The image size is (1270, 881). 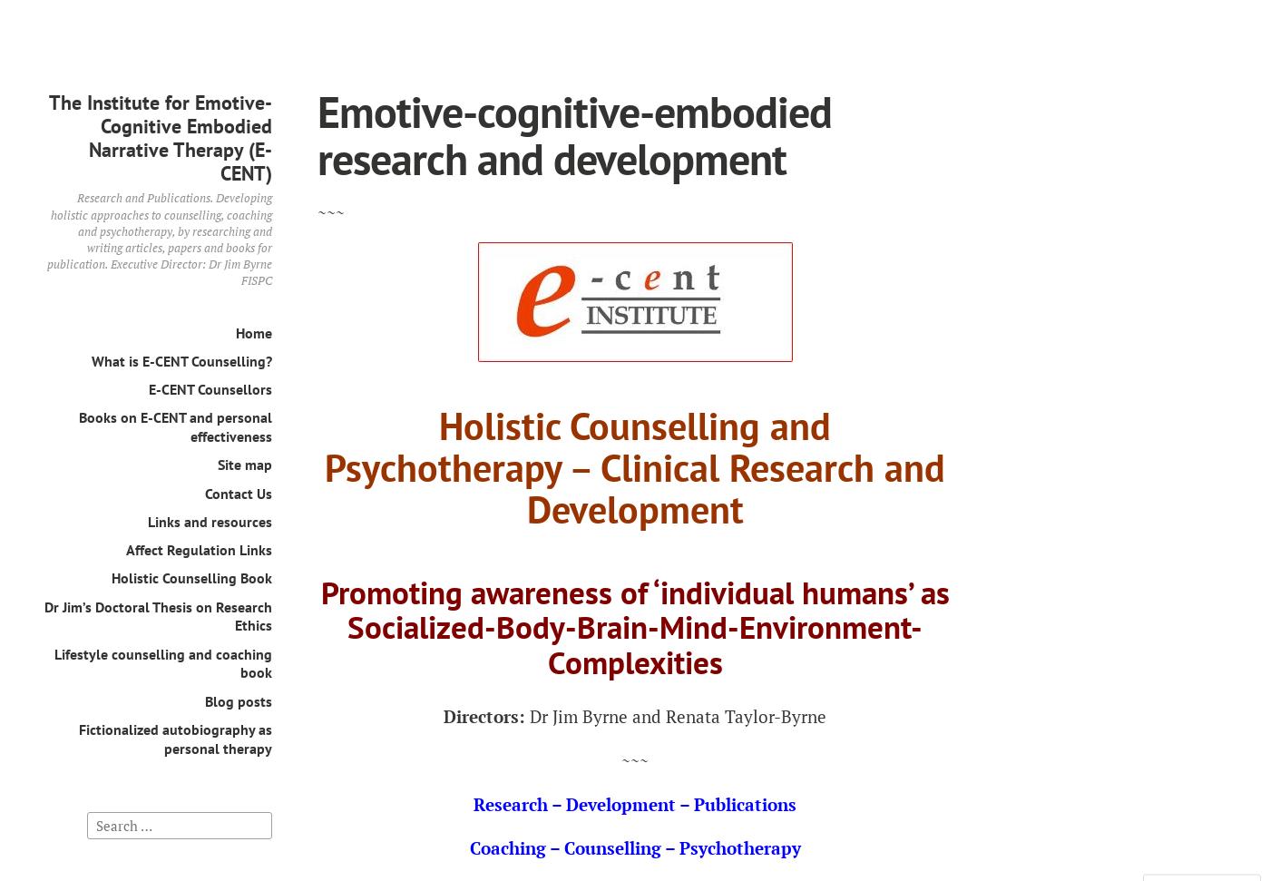 I want to click on 'Directors:', so click(x=444, y=715).